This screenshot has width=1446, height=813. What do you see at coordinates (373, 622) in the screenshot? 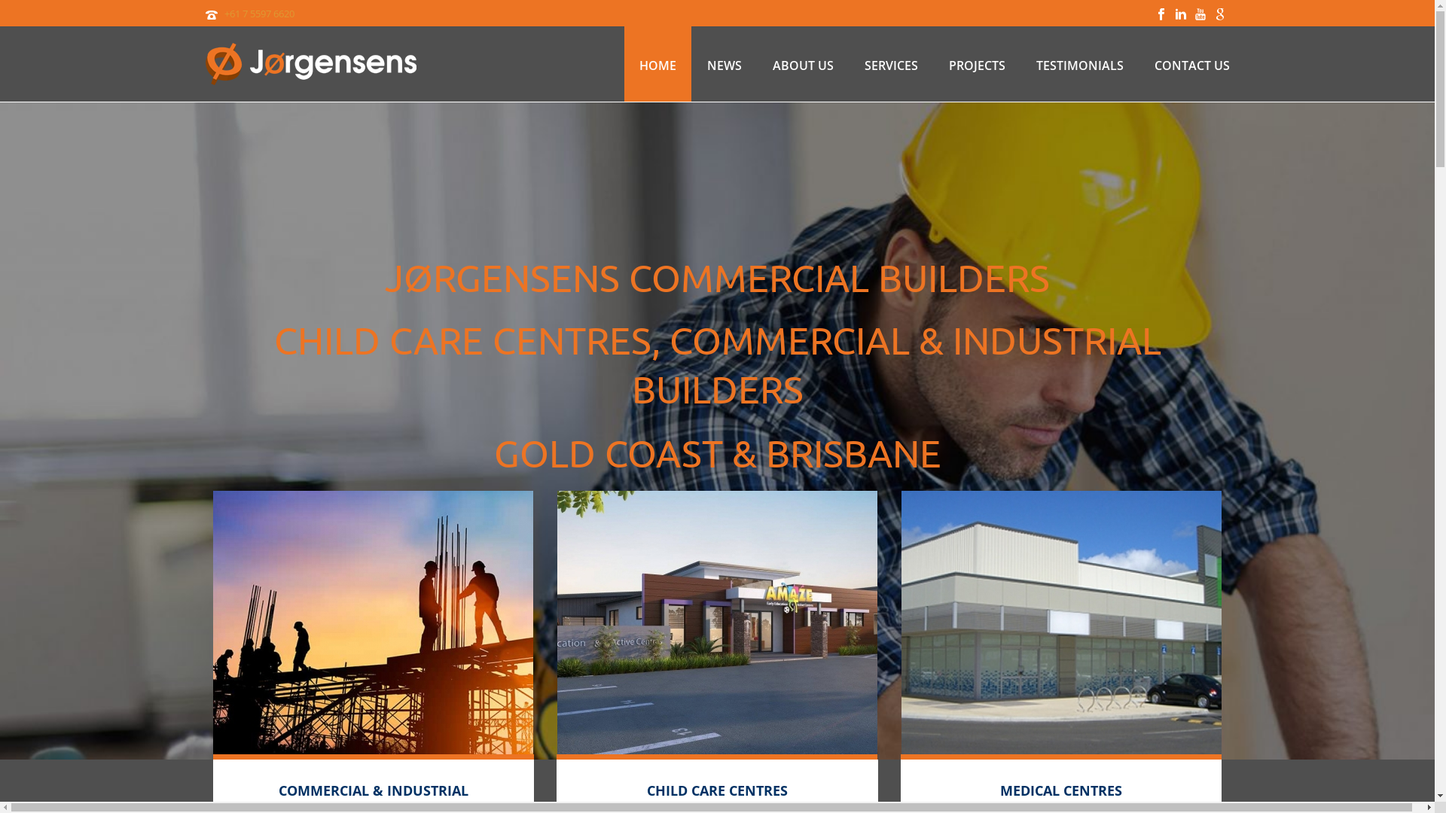
I see `'Home'` at bounding box center [373, 622].